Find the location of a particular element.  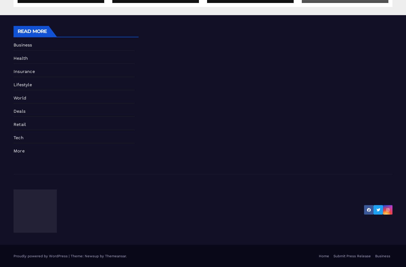

'Lifestyle' is located at coordinates (22, 85).